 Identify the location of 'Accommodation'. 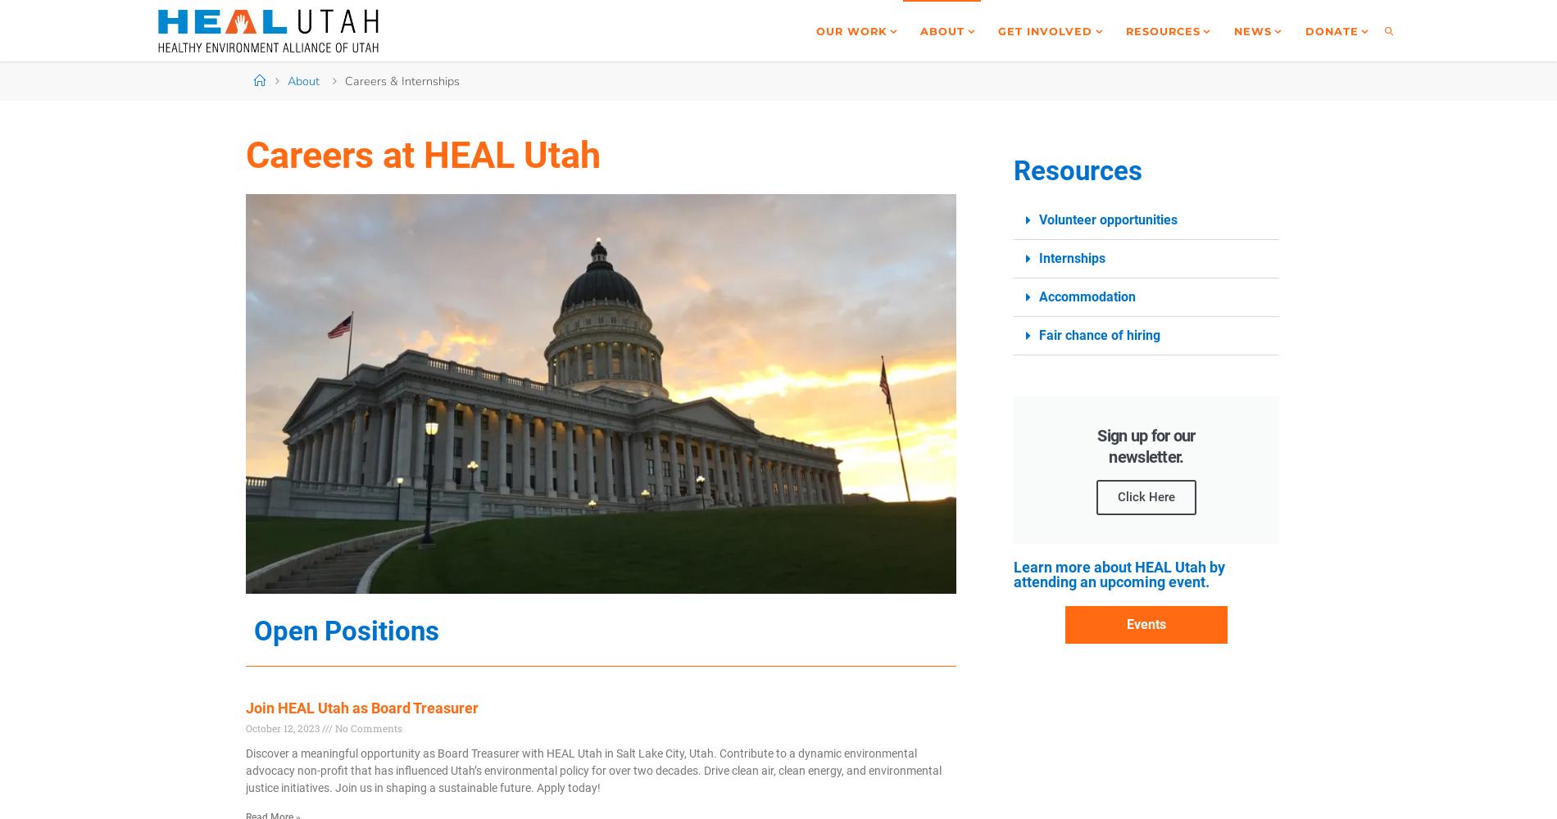
(1086, 296).